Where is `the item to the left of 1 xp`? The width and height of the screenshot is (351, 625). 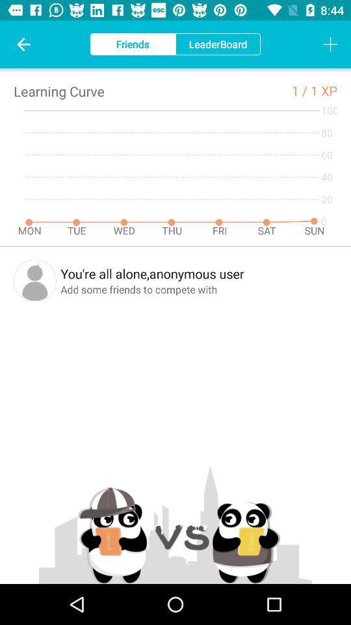 the item to the left of 1 xp is located at coordinates (301, 90).